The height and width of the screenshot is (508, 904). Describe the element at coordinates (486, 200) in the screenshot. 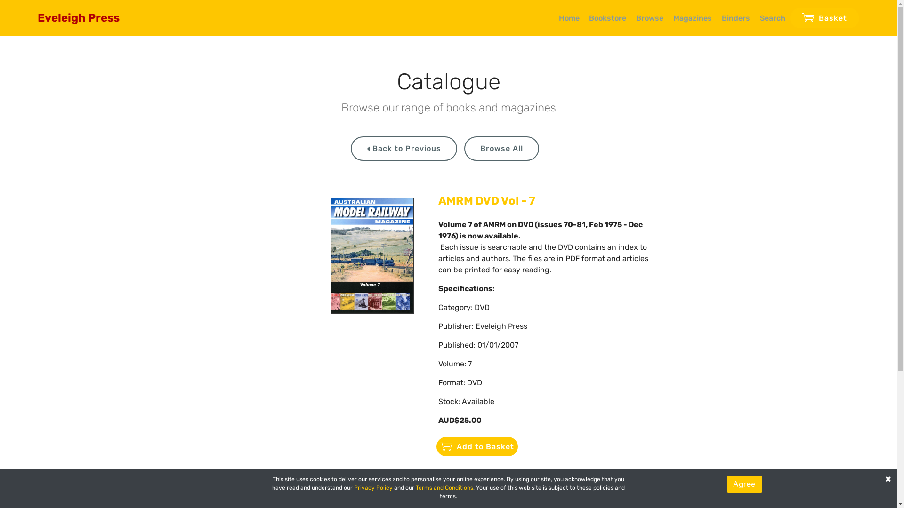

I see `'AMRM DVD Vol - 7'` at that location.